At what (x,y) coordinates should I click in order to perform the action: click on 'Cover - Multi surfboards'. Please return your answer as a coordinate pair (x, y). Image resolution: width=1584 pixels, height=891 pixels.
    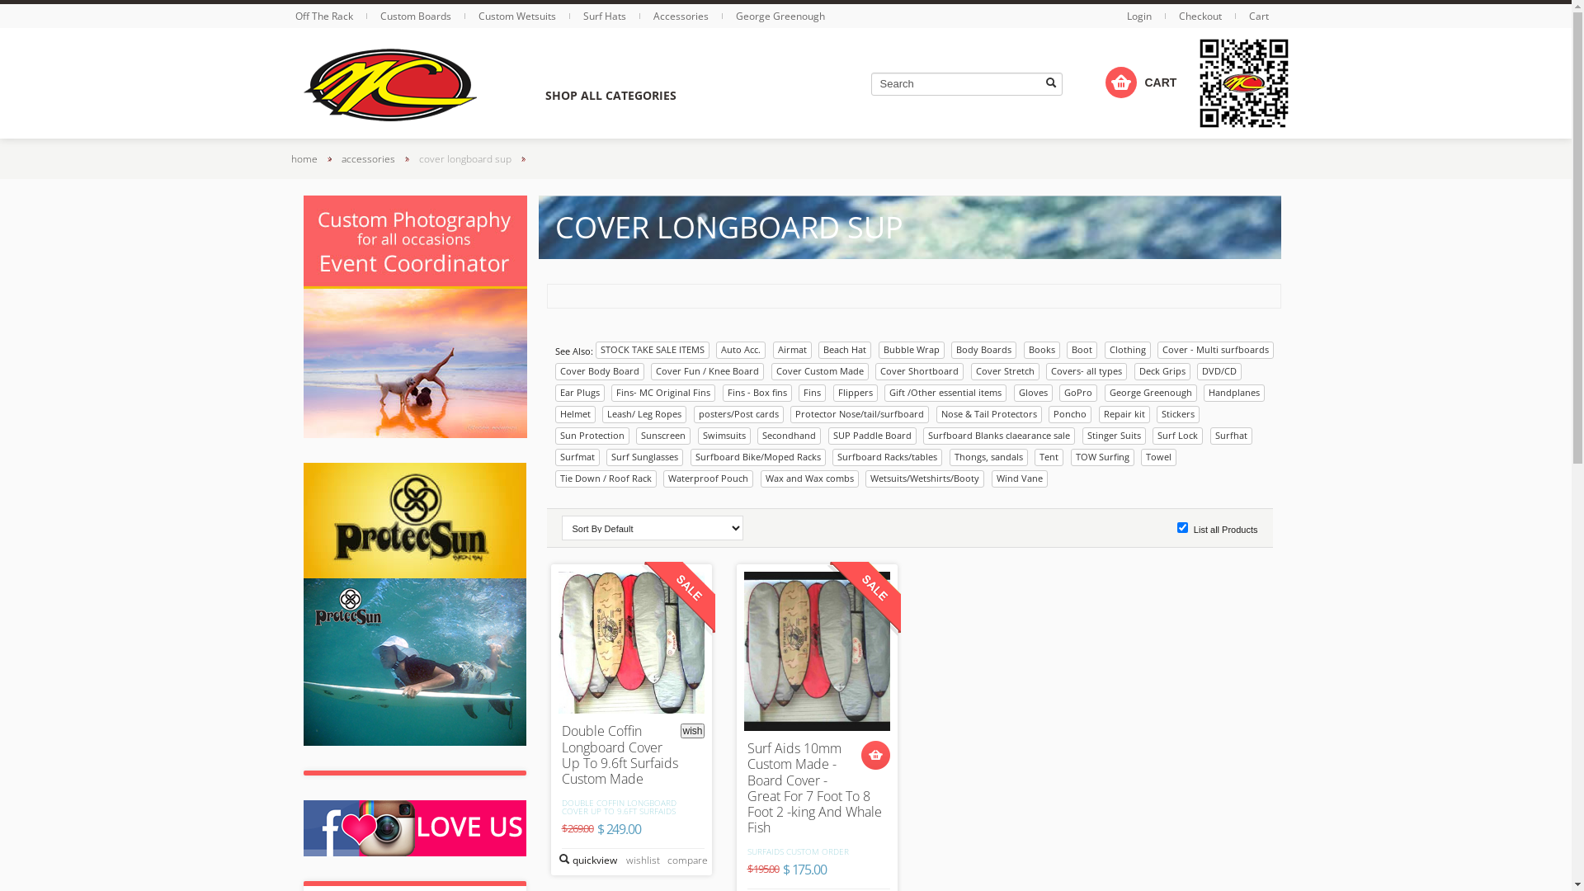
    Looking at the image, I should click on (1215, 349).